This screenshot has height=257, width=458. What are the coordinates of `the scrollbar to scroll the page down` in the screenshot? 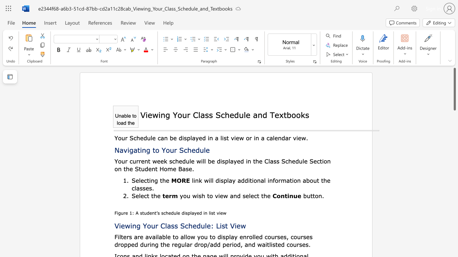 It's located at (454, 161).